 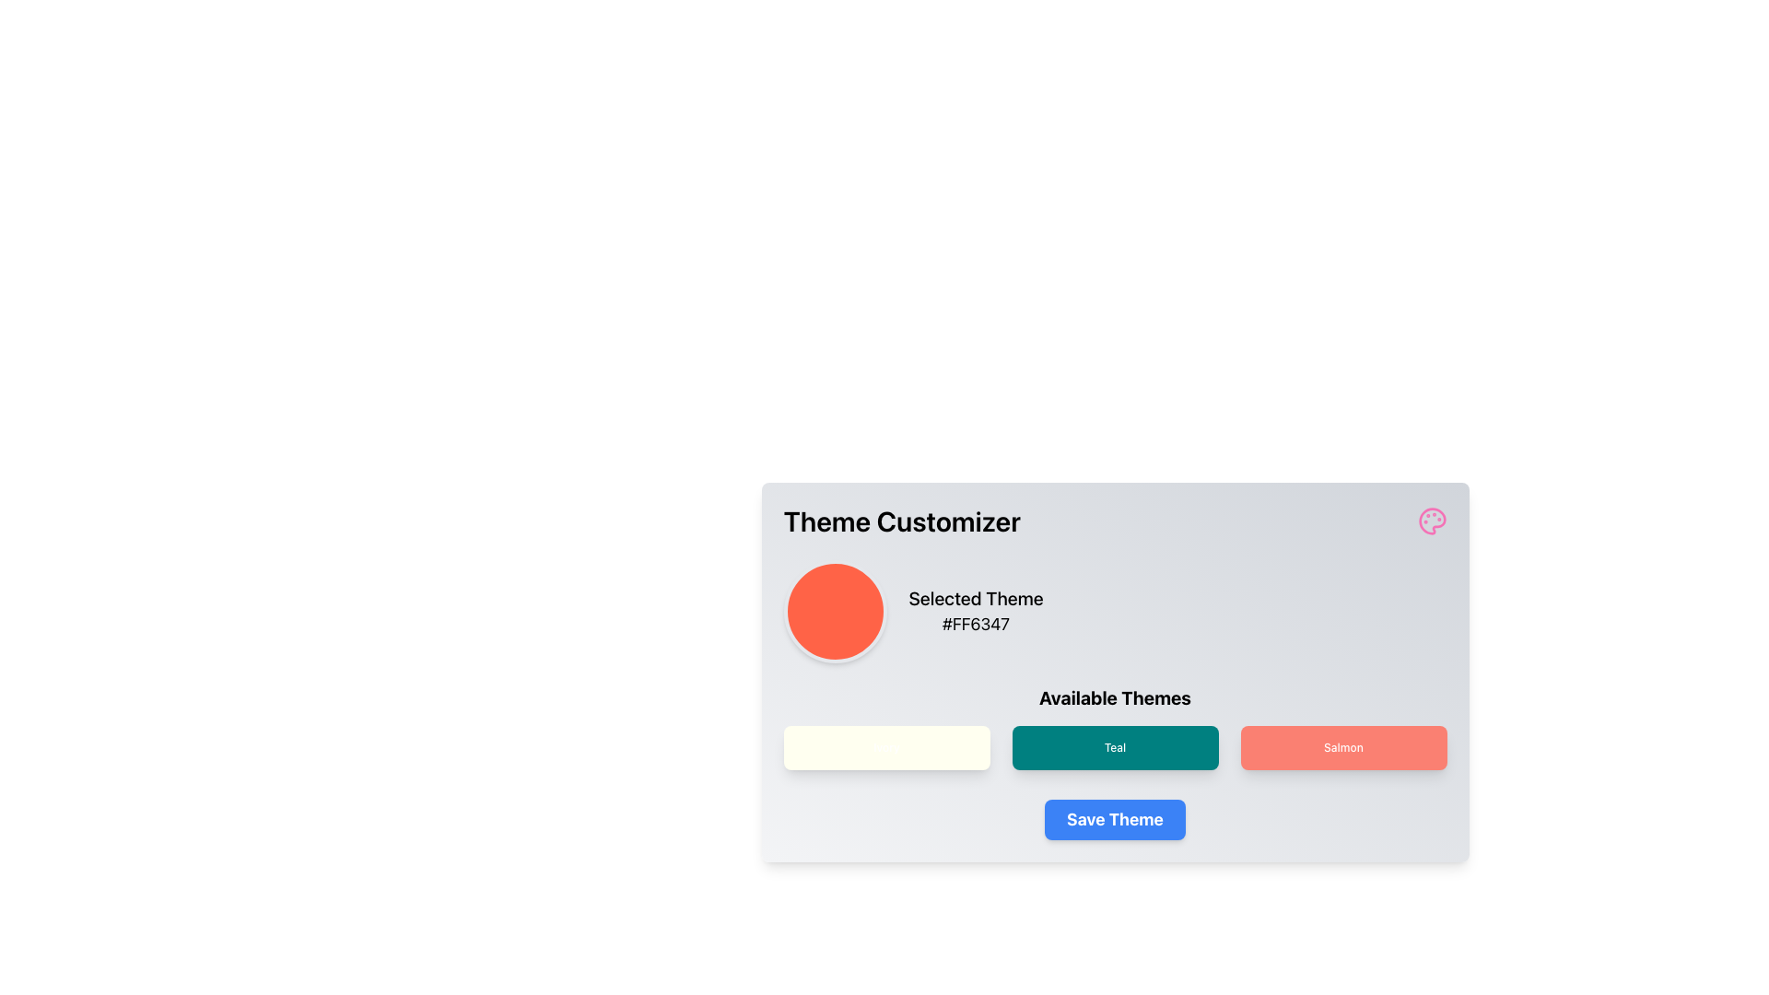 What do you see at coordinates (886, 748) in the screenshot?
I see `the first button in the theme options grid` at bounding box center [886, 748].